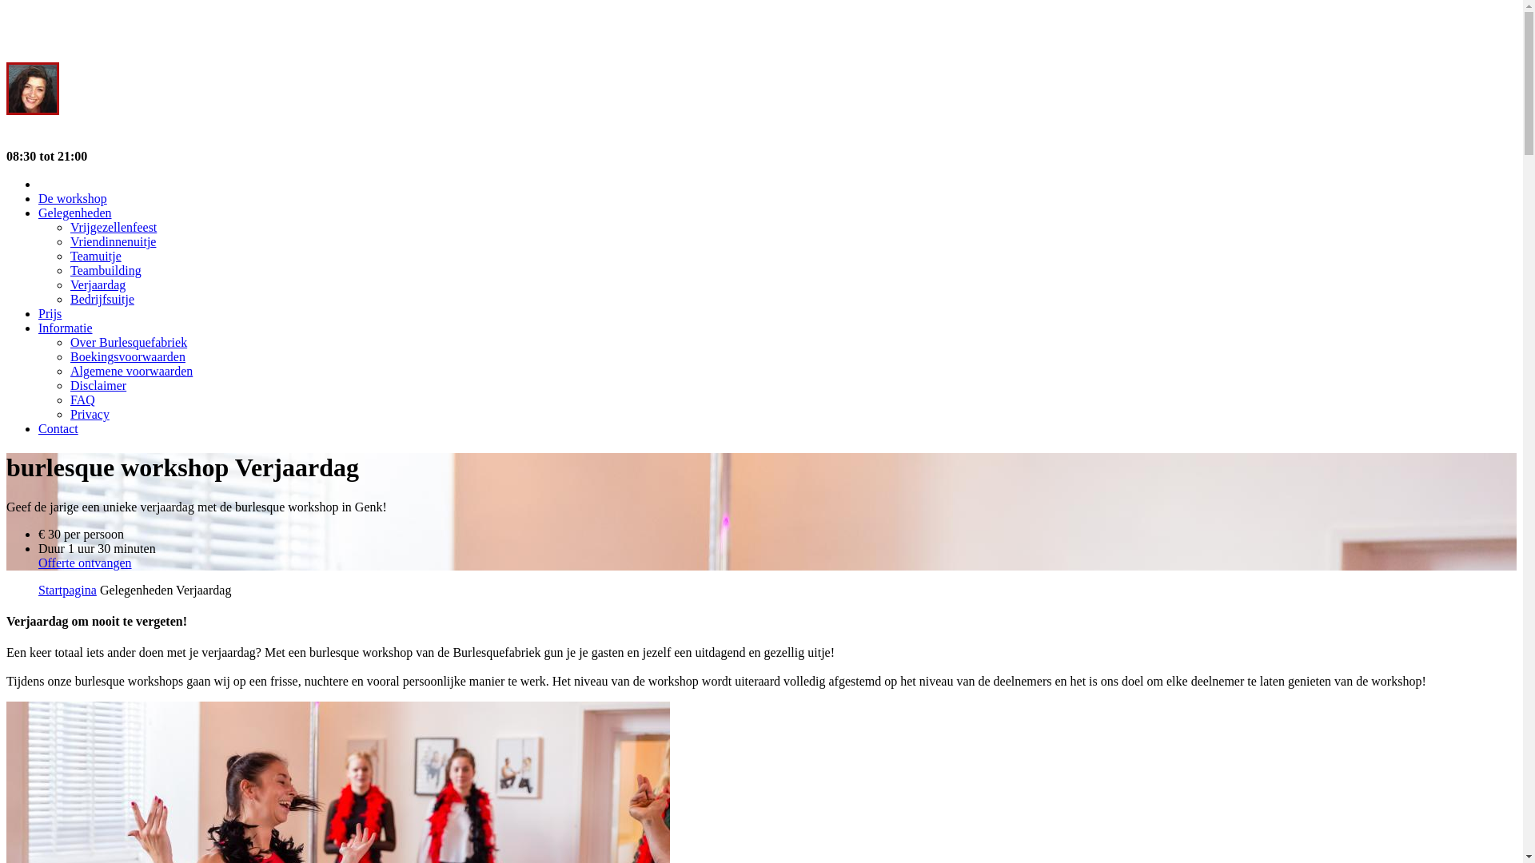  I want to click on 'Vrijgezellenfeest', so click(113, 227).